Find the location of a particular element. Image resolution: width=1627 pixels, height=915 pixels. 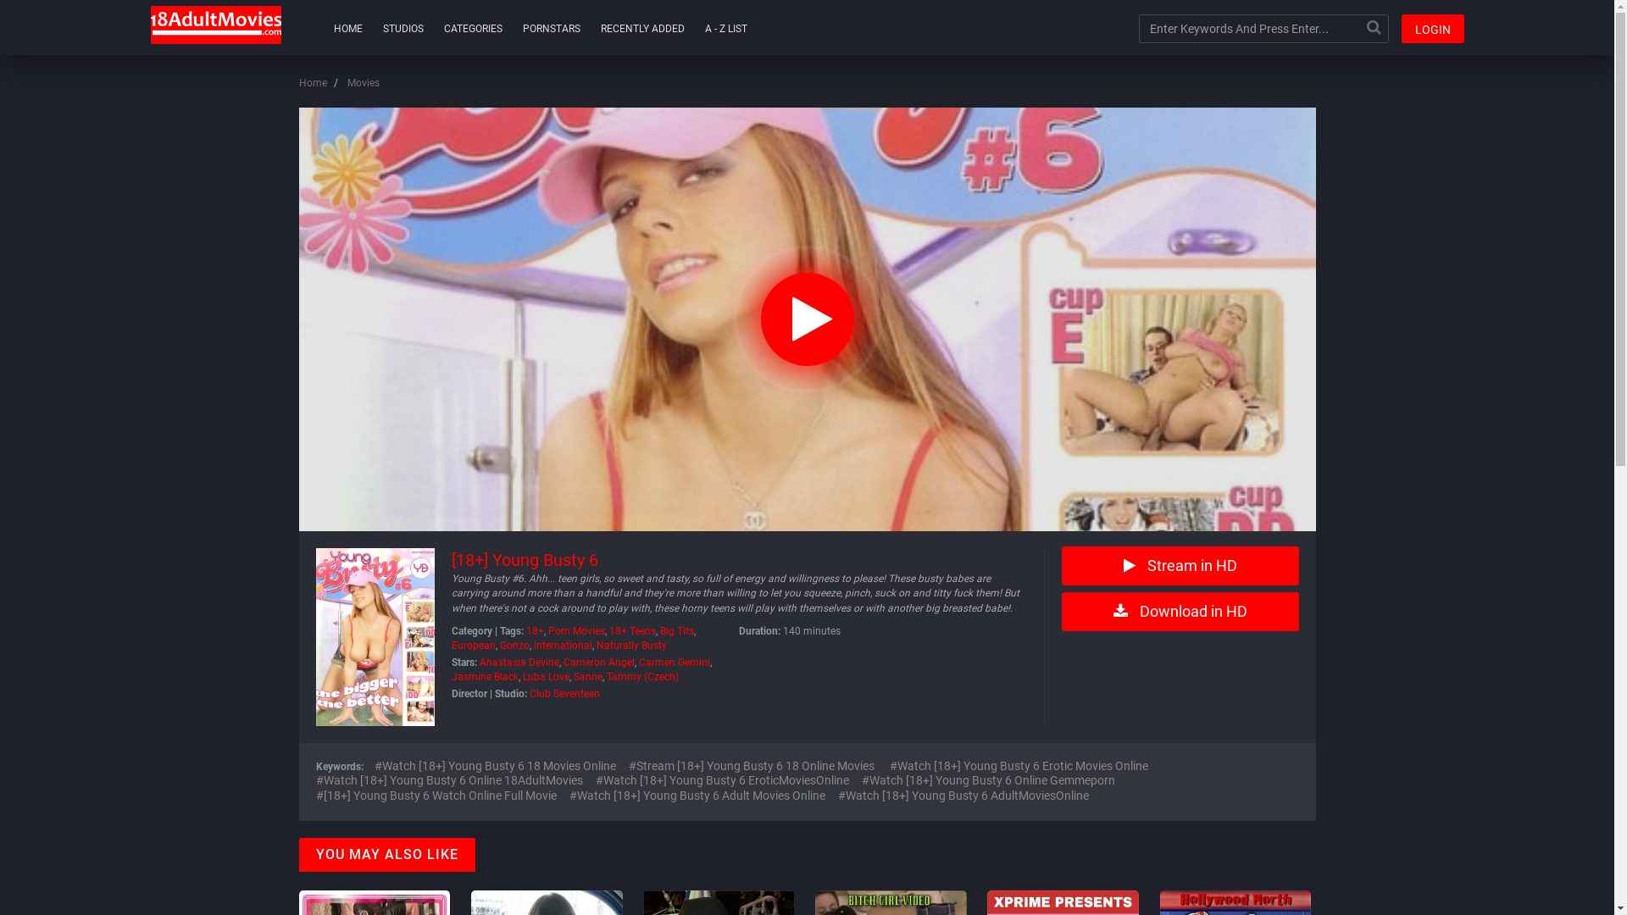

'RECENTLY ADDED' is located at coordinates (641, 29).